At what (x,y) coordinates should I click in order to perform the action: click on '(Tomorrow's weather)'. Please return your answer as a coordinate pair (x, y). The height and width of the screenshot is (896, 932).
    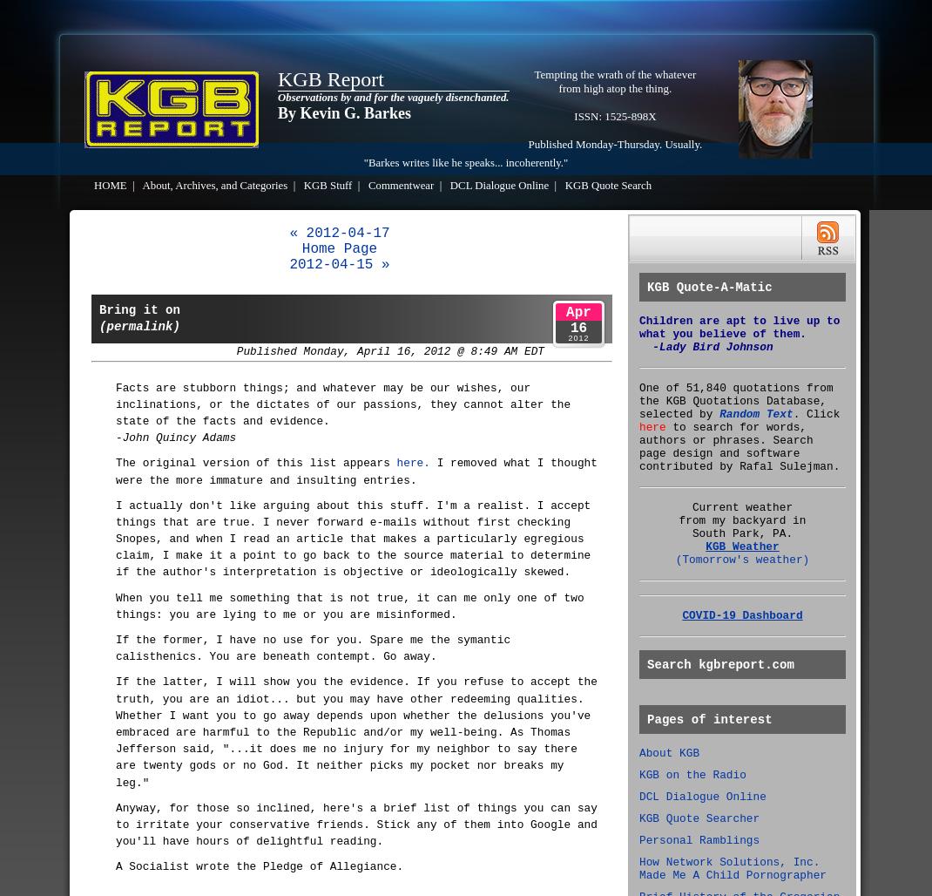
    Looking at the image, I should click on (742, 559).